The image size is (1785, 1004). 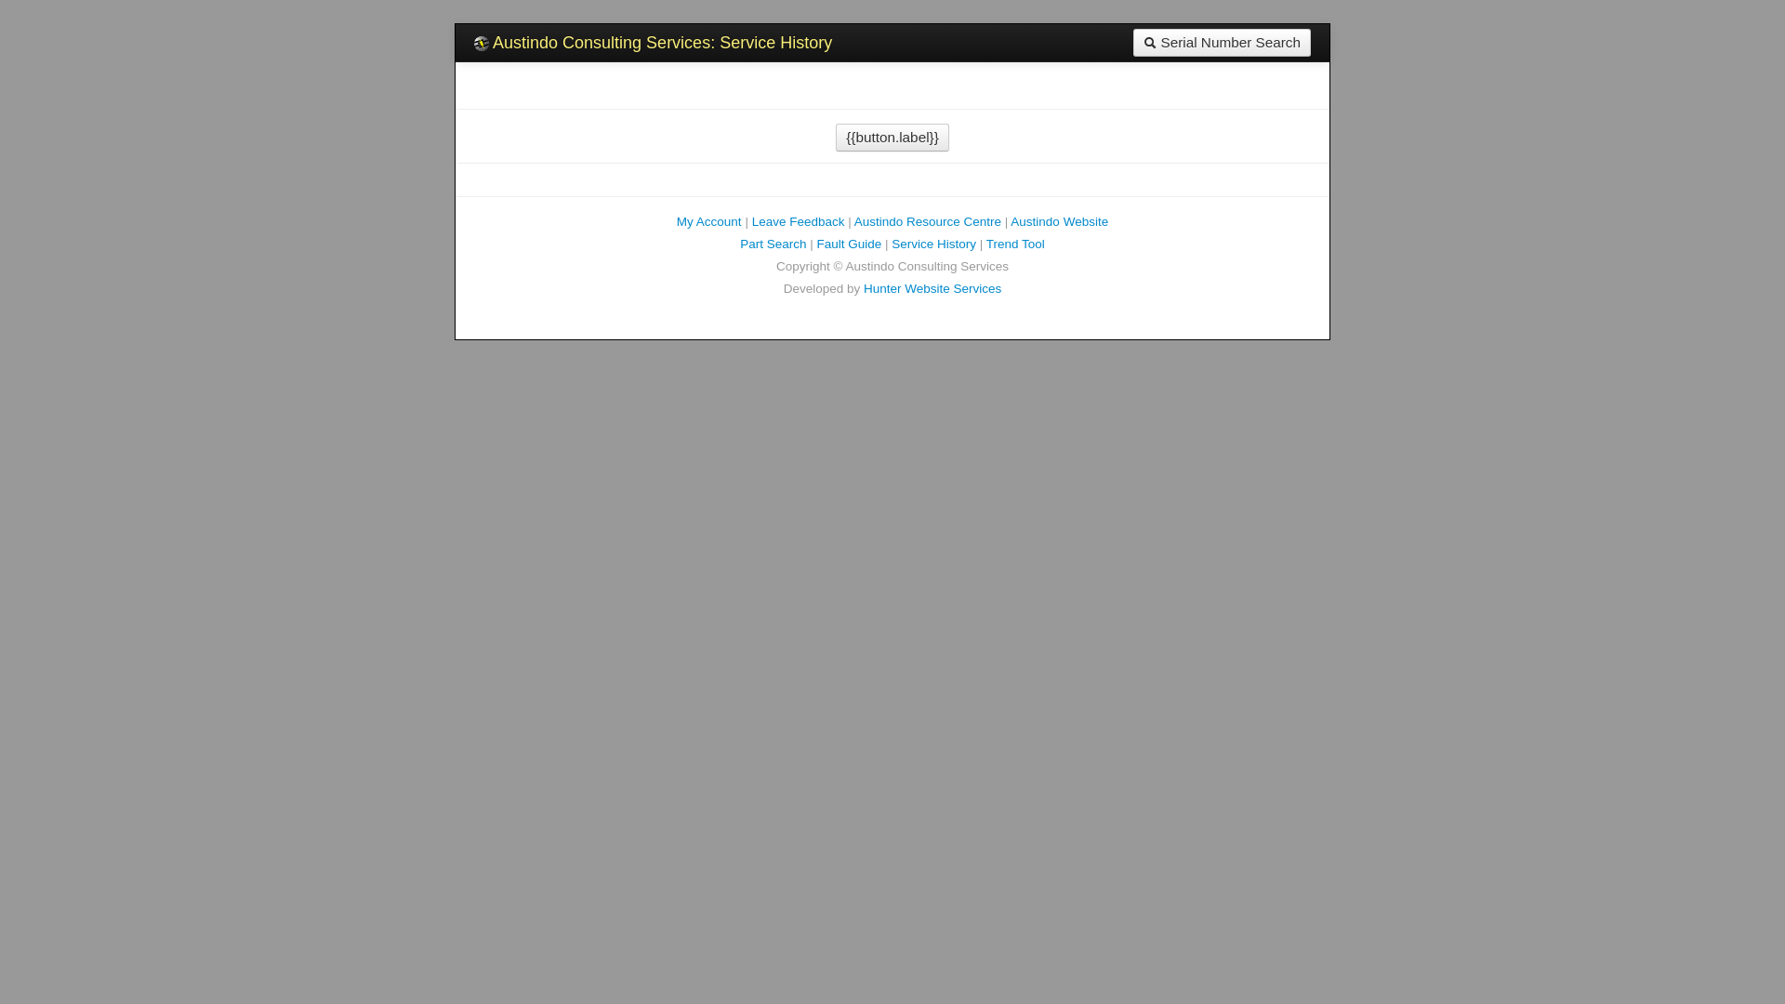 I want to click on 'Part Search', so click(x=739, y=243).